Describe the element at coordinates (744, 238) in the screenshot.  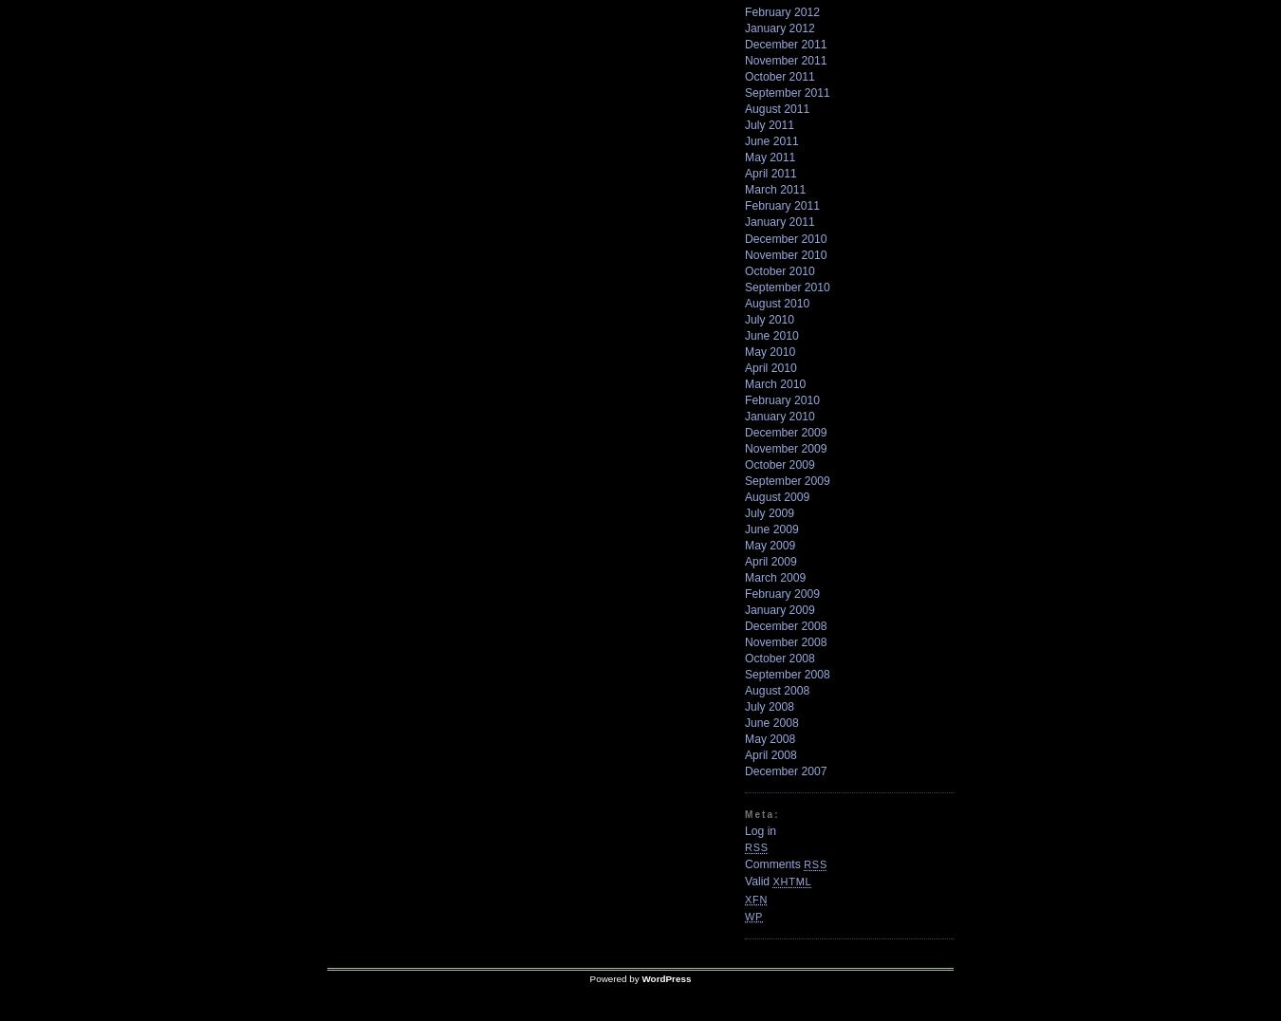
I see `'December 2010'` at that location.